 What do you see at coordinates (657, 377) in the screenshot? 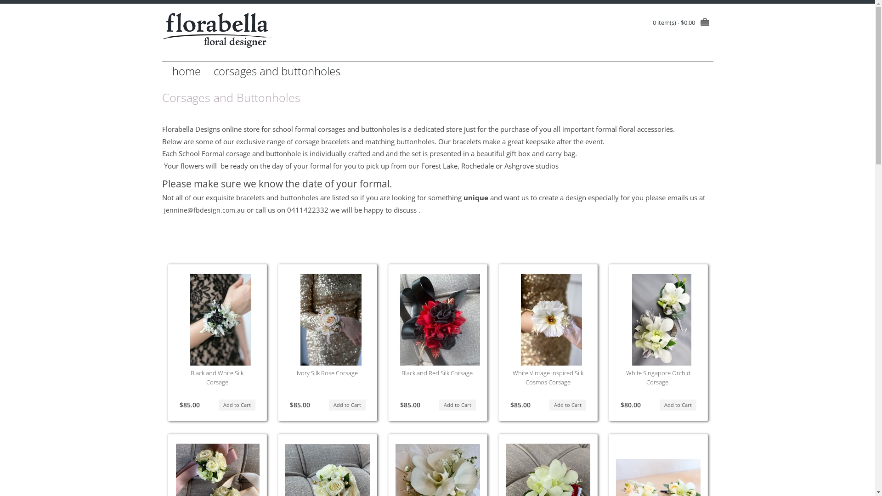
I see `'White Singapore Orchid Corsage.'` at bounding box center [657, 377].